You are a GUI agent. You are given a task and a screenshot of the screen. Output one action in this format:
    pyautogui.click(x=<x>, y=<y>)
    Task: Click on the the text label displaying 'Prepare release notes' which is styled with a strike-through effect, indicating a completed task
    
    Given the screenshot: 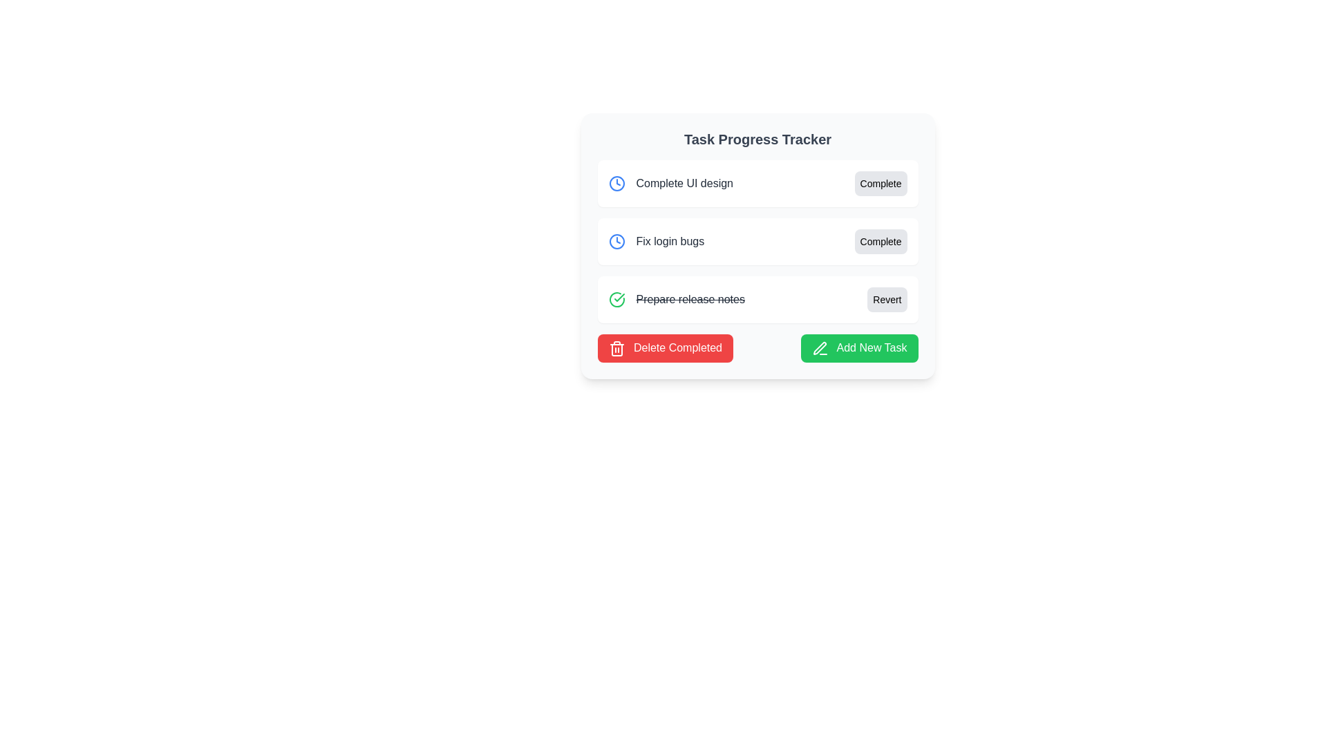 What is the action you would take?
    pyautogui.click(x=690, y=299)
    